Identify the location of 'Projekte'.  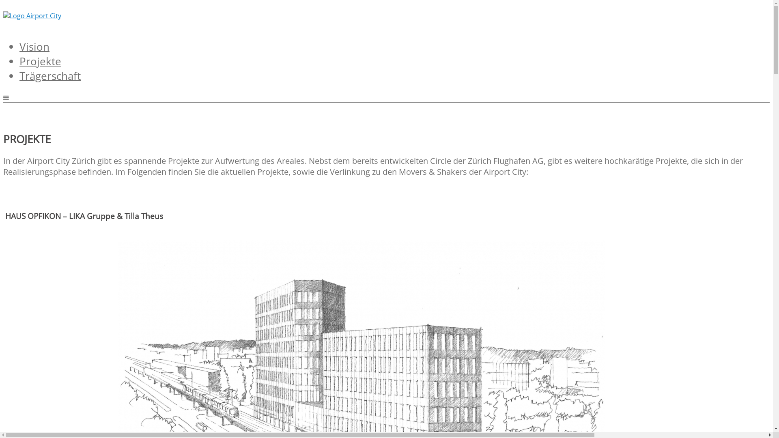
(40, 57).